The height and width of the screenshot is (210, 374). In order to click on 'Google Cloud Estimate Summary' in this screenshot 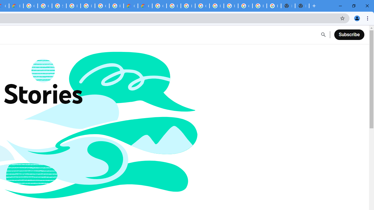, I will do `click(145, 6)`.